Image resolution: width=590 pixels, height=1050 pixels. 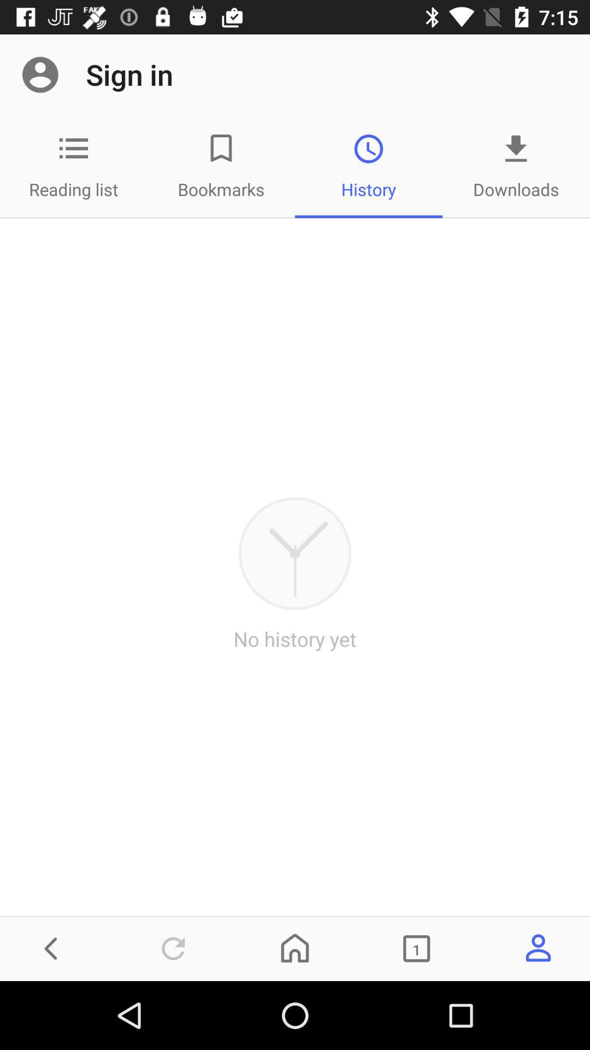 I want to click on the button above bookmarks, so click(x=221, y=148).